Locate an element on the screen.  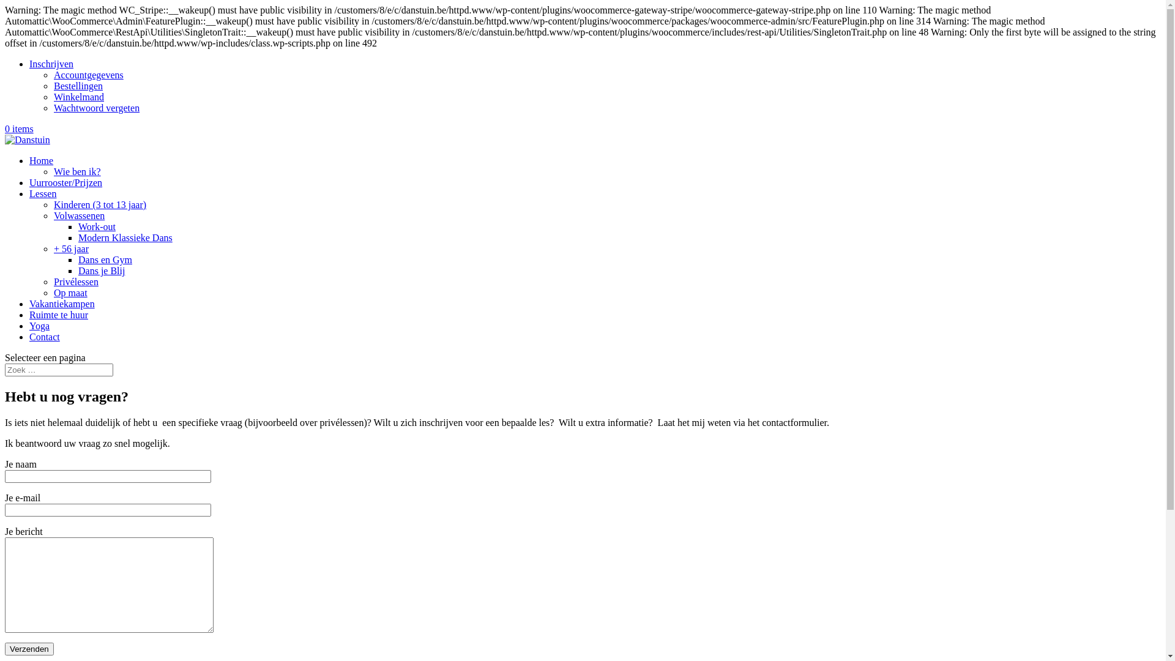
'Vakantiekampen' is located at coordinates (61, 303).